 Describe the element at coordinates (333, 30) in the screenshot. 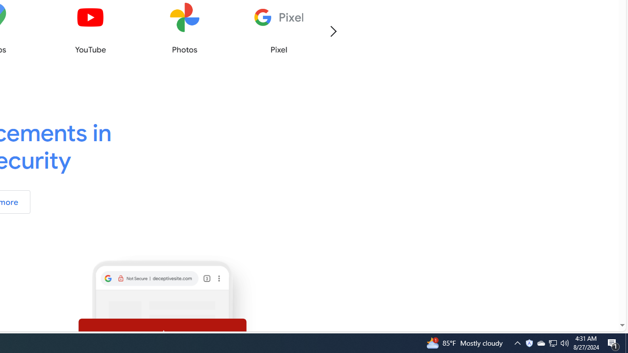

I see `'Next'` at that location.